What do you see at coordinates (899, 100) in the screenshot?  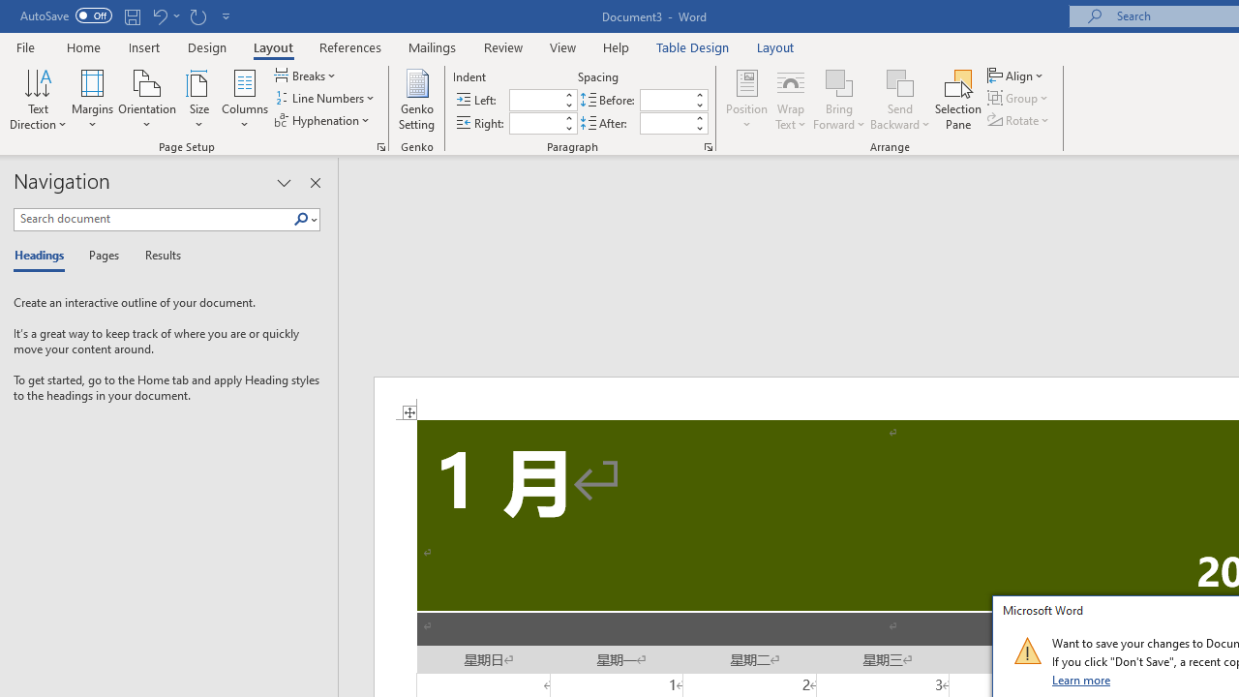 I see `'Send Backward'` at bounding box center [899, 100].